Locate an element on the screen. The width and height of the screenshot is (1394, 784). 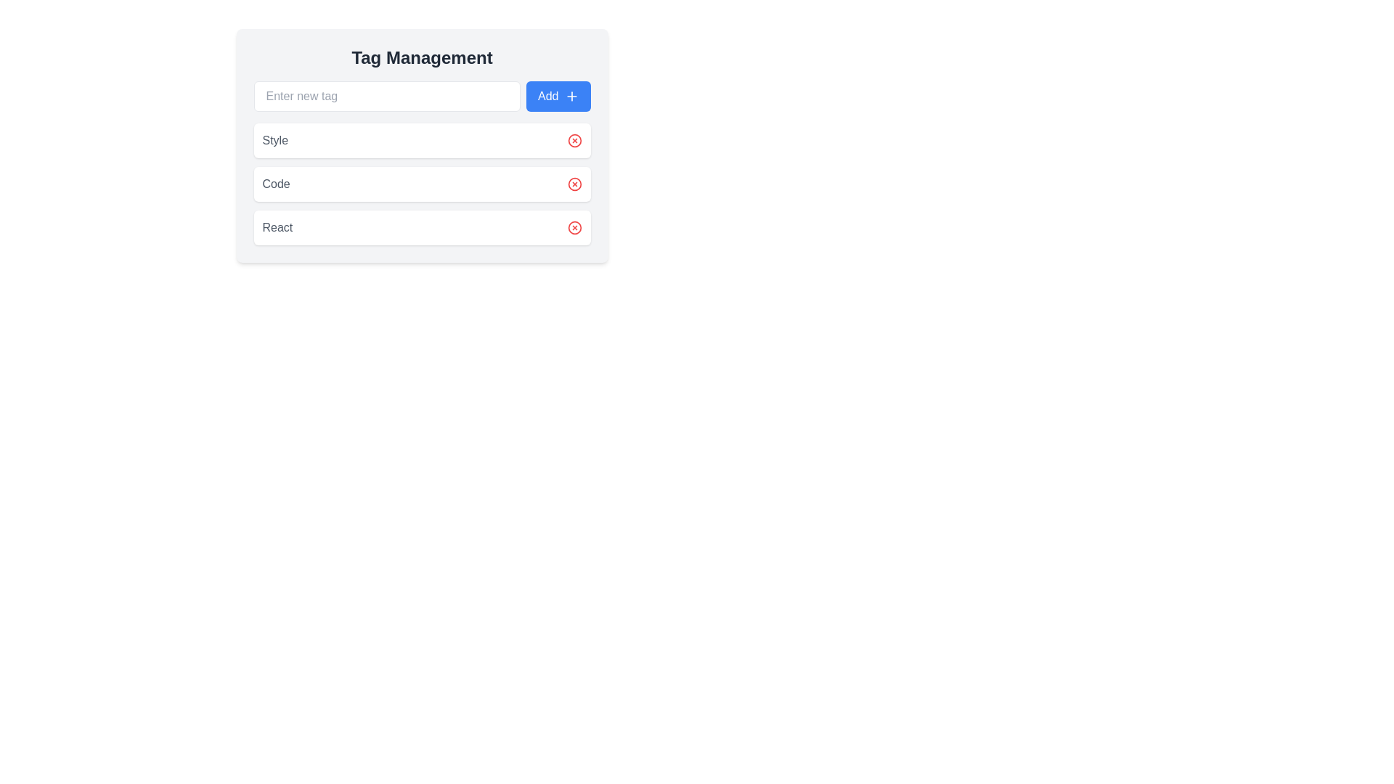
the circular icon with a cross located to the immediate right of the text 'Style' in the tag management list is located at coordinates (574, 140).